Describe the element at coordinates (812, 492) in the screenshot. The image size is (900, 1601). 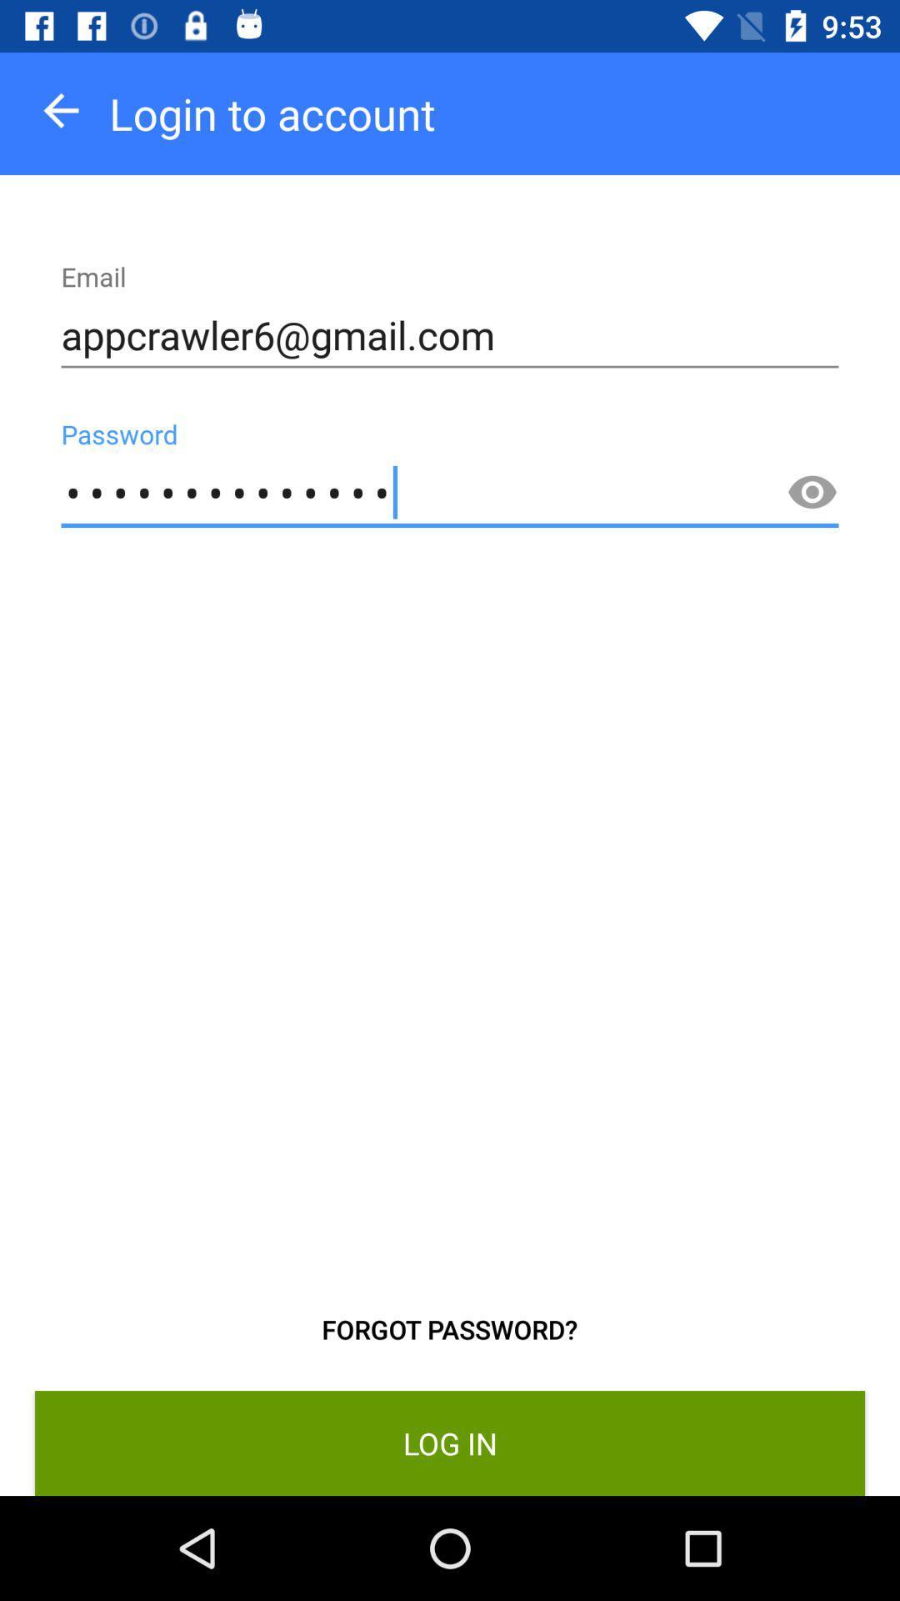
I see `icon below the appcrawler6@gmail.com item` at that location.